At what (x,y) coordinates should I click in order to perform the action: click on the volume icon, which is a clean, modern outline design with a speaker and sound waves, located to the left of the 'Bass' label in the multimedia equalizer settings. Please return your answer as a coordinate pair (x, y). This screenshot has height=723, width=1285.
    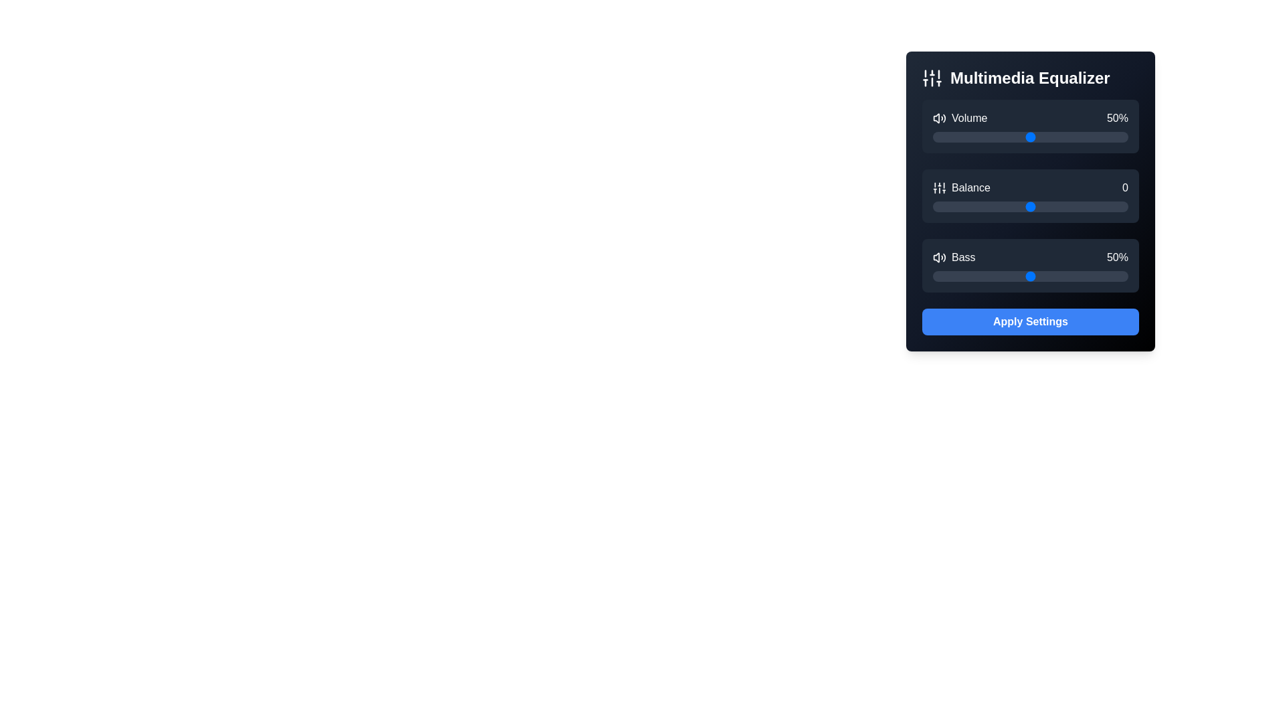
    Looking at the image, I should click on (938, 258).